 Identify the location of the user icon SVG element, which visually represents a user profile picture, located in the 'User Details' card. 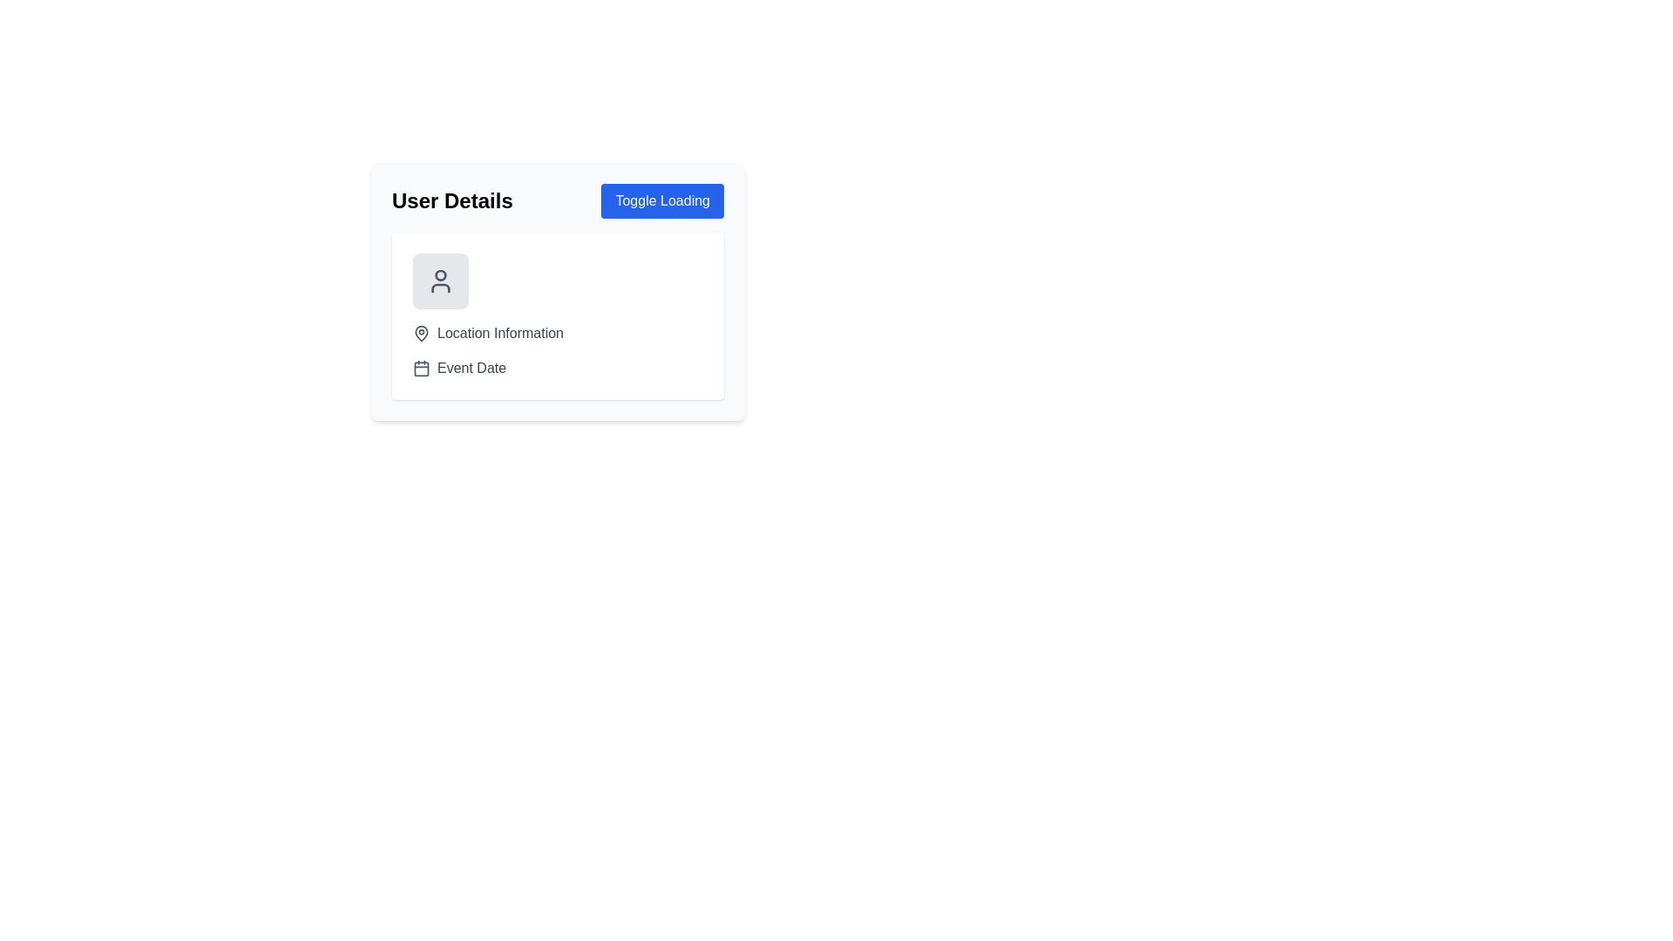
(440, 281).